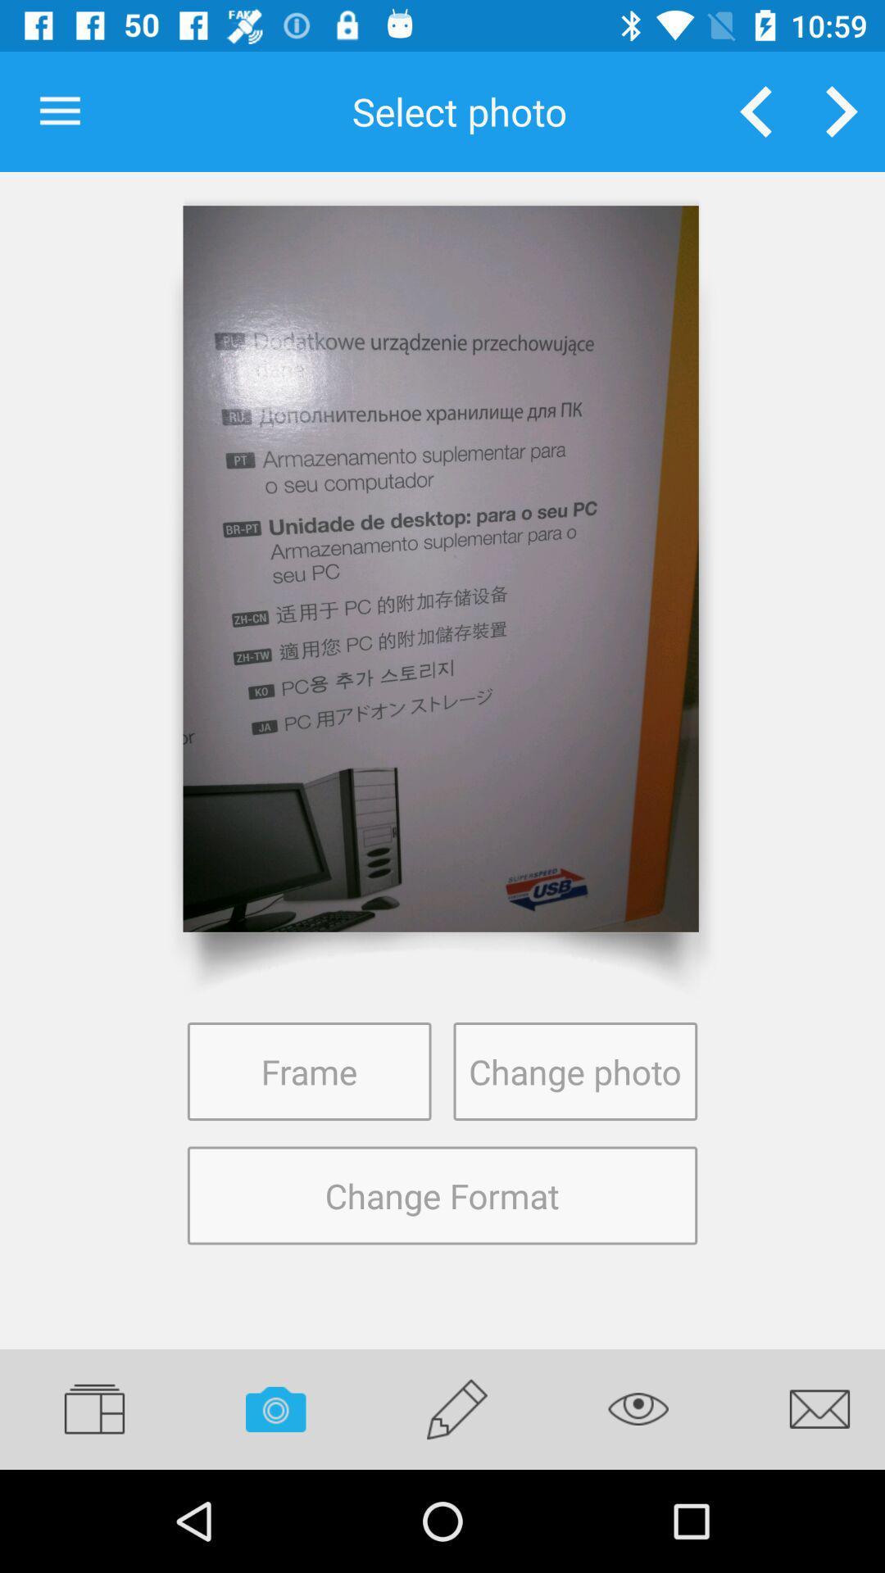 The image size is (885, 1573). I want to click on advance to next photo, so click(842, 111).